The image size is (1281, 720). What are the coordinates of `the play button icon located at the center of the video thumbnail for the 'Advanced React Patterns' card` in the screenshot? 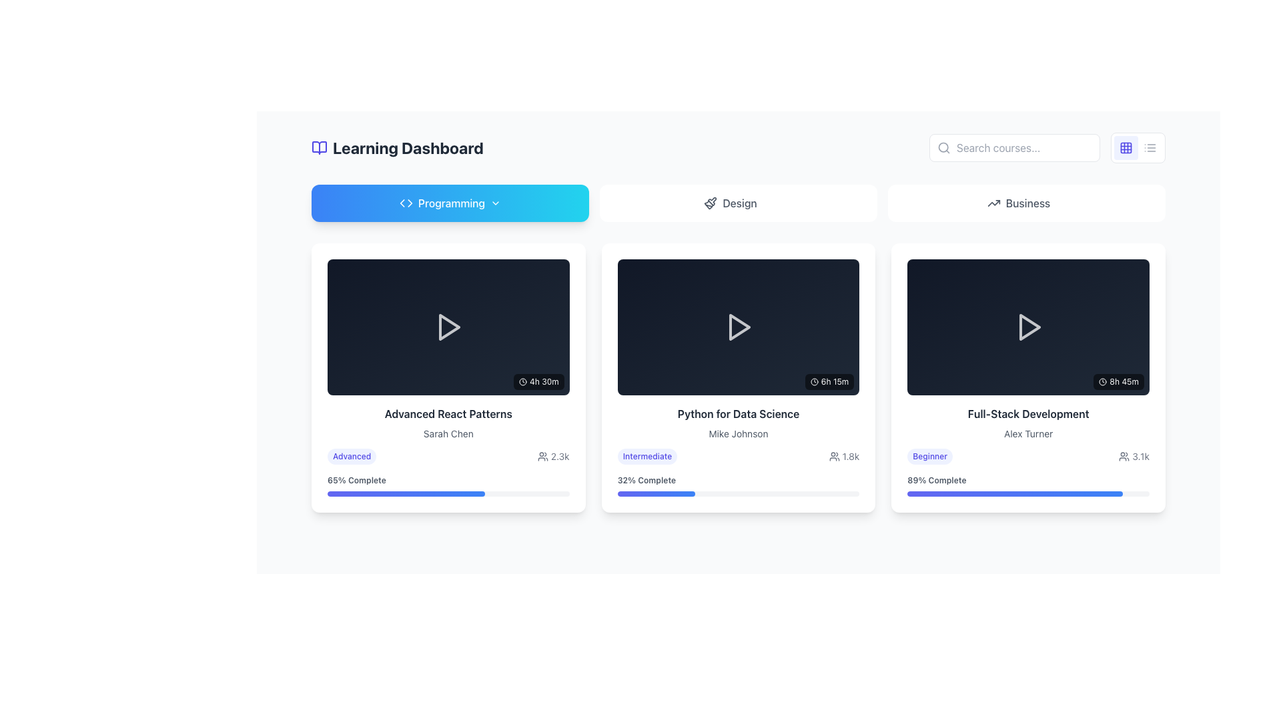 It's located at (450, 327).